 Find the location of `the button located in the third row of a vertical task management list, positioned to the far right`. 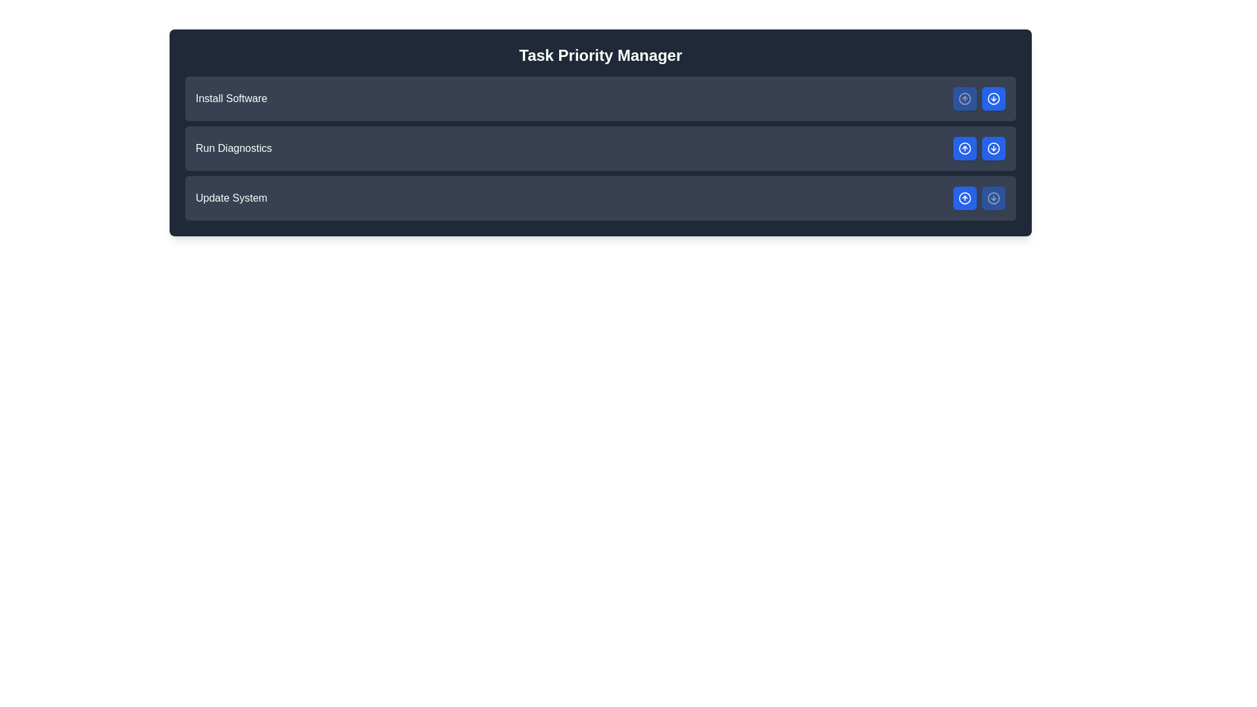

the button located in the third row of a vertical task management list, positioned to the far right is located at coordinates (964, 198).